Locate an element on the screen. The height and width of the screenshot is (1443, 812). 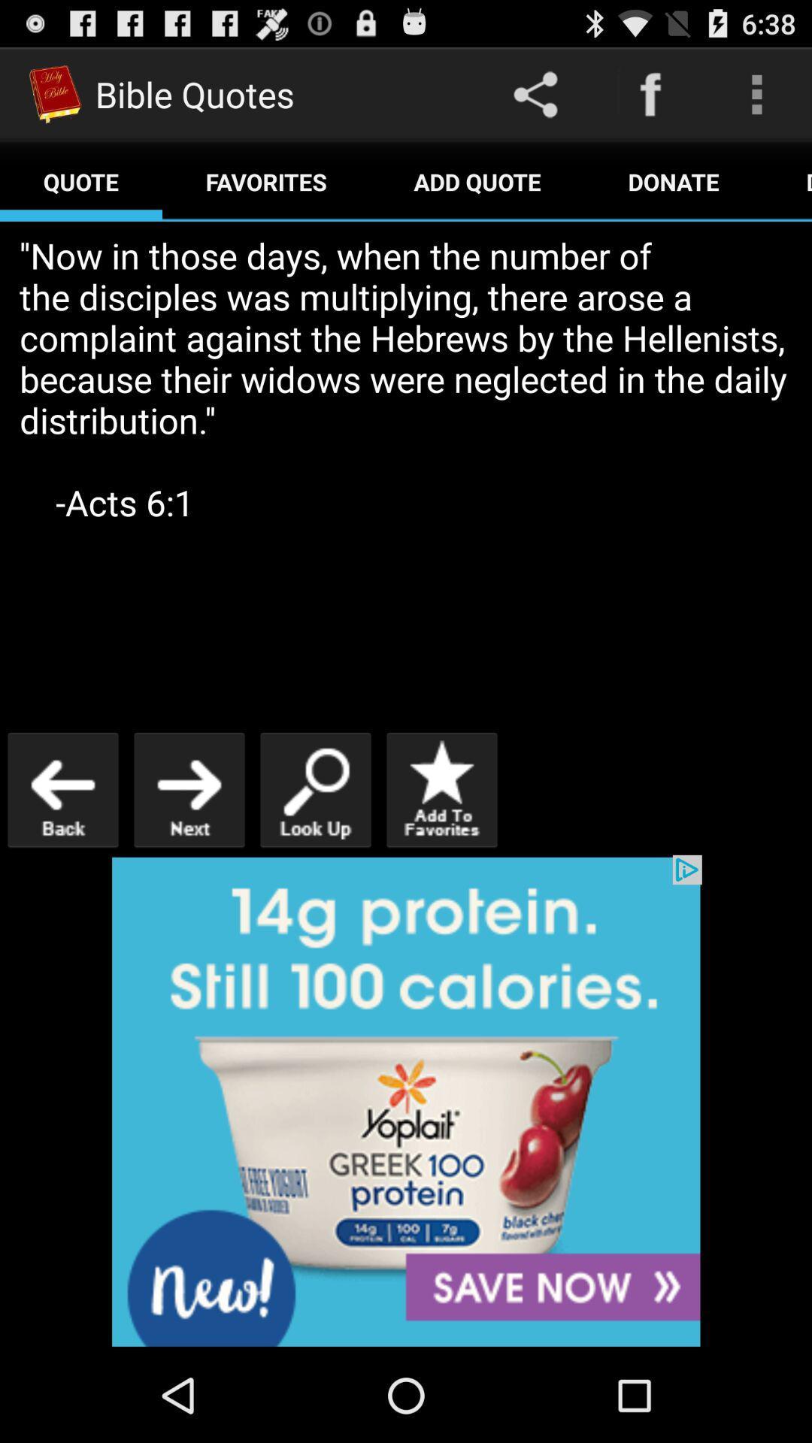
go back is located at coordinates (62, 789).